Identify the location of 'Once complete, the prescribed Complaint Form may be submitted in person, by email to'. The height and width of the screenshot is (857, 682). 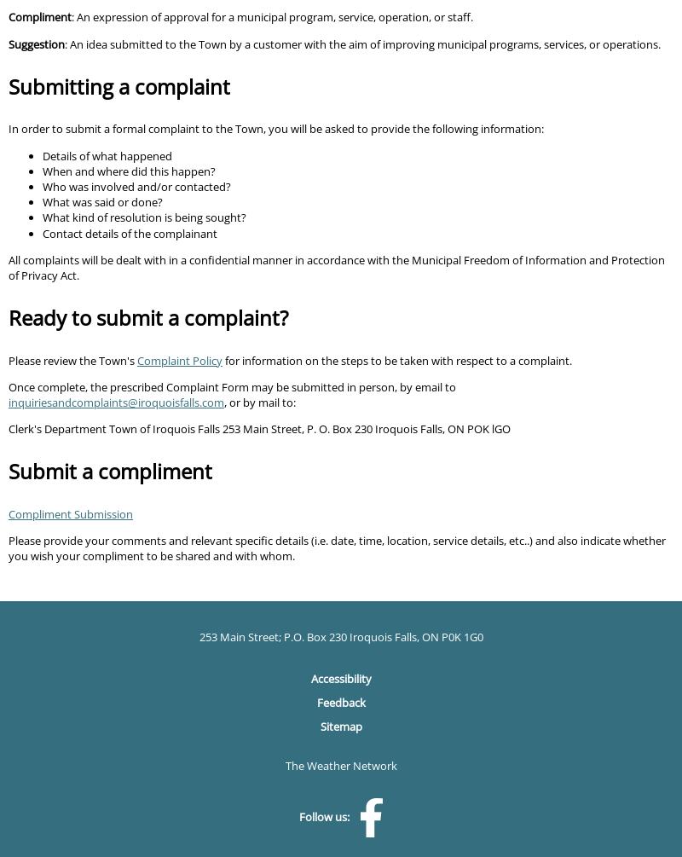
(232, 385).